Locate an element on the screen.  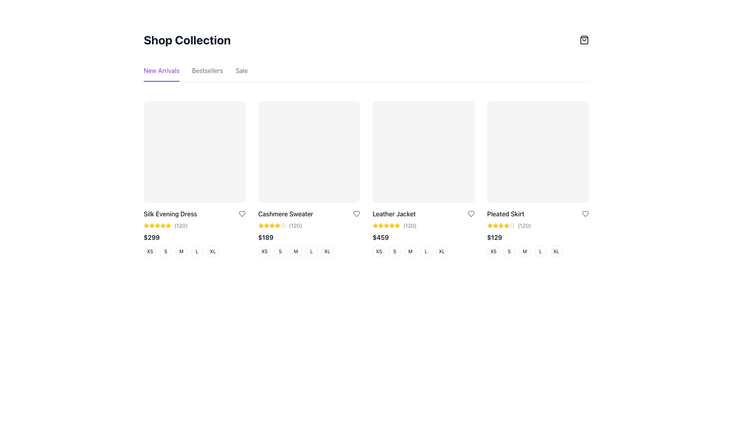
the visual representation of the first star icon in the rating system for the 'Pleated Skirt' product is located at coordinates (489, 225).